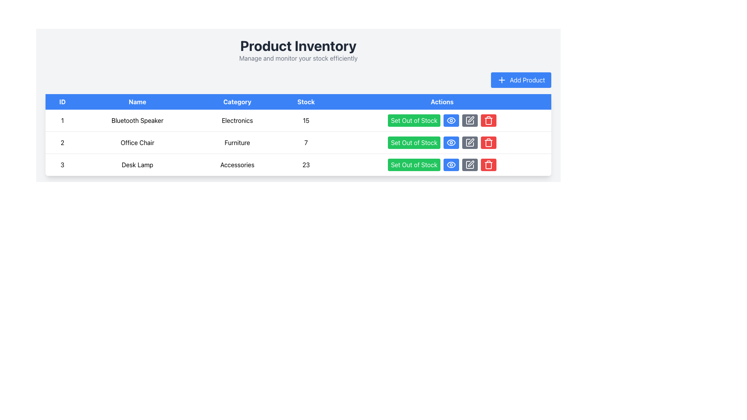 The width and height of the screenshot is (747, 420). What do you see at coordinates (521, 80) in the screenshot?
I see `the blue 'Add Product' button located in the top-right corner of the header section` at bounding box center [521, 80].